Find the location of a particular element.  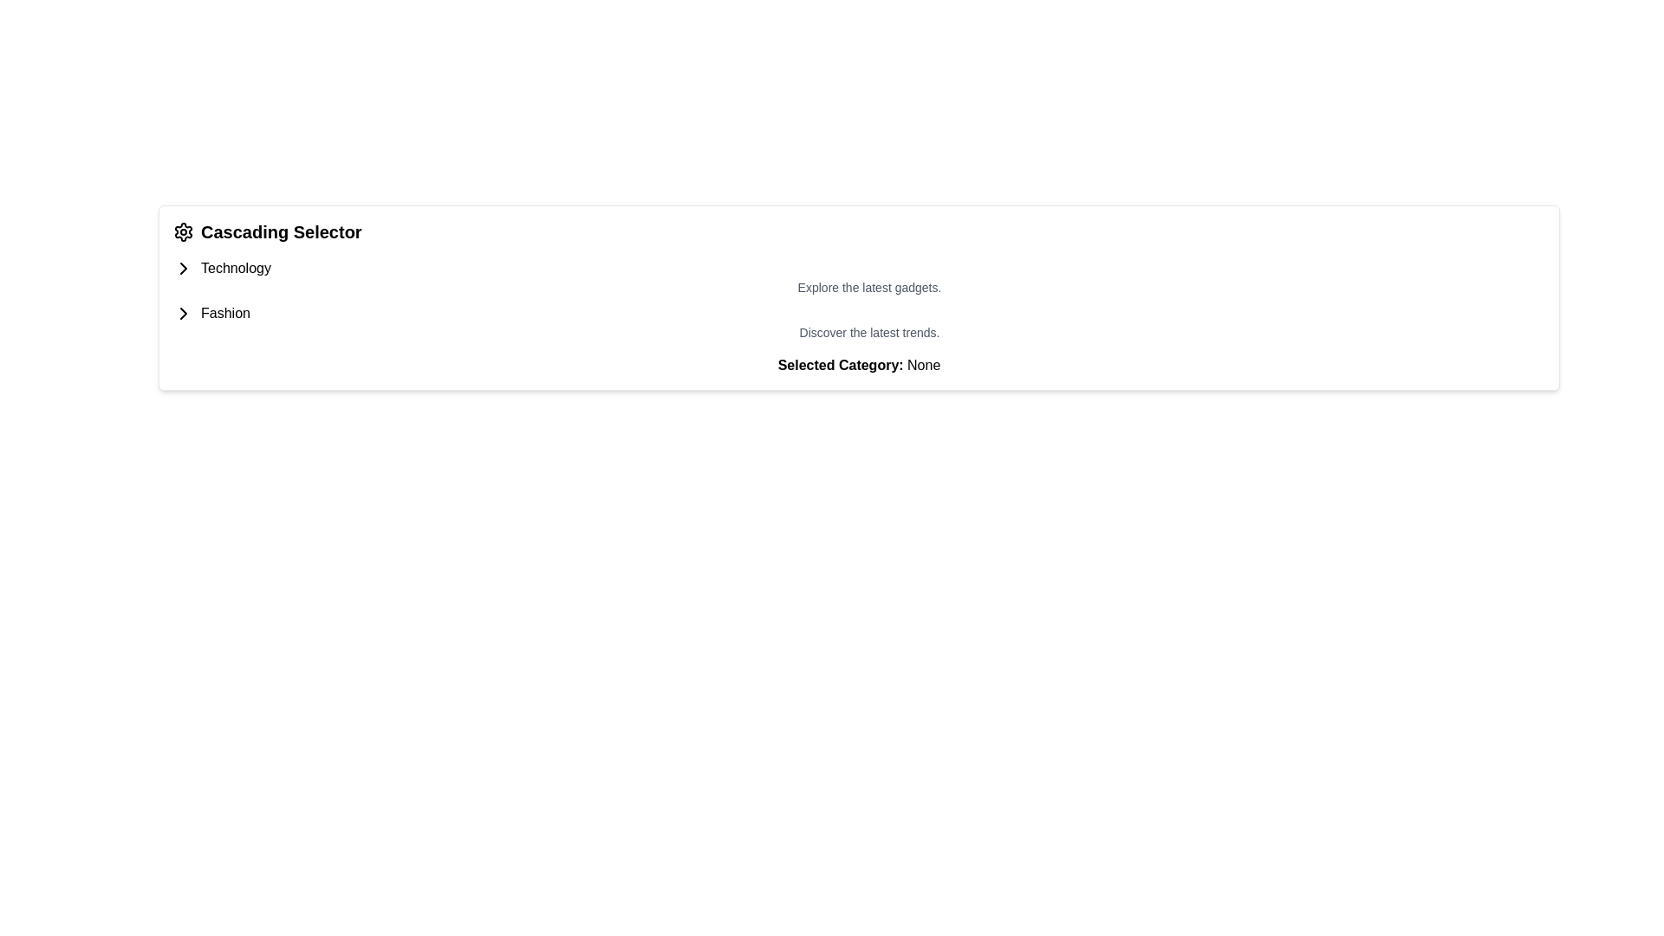

the label indicating the current category selection area, which displays 'Selected Category: None' and is located in the center-right of the interface is located at coordinates (841, 364).